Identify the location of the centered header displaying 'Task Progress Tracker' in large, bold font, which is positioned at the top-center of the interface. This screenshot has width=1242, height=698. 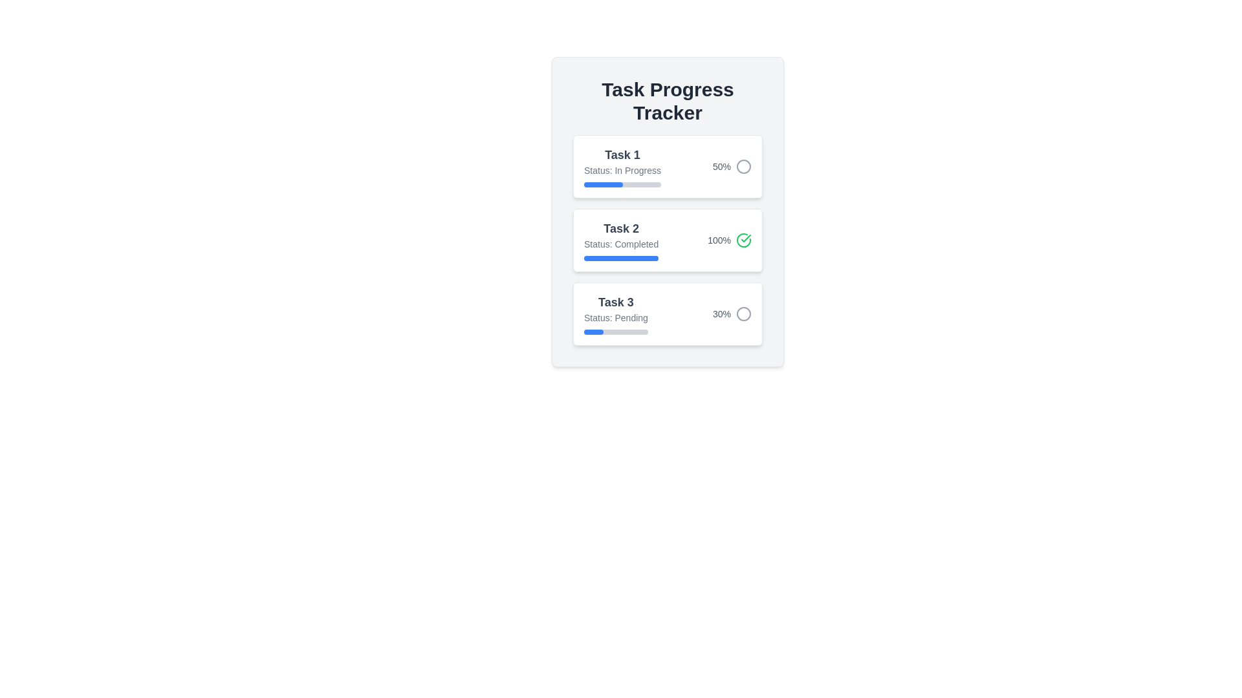
(668, 101).